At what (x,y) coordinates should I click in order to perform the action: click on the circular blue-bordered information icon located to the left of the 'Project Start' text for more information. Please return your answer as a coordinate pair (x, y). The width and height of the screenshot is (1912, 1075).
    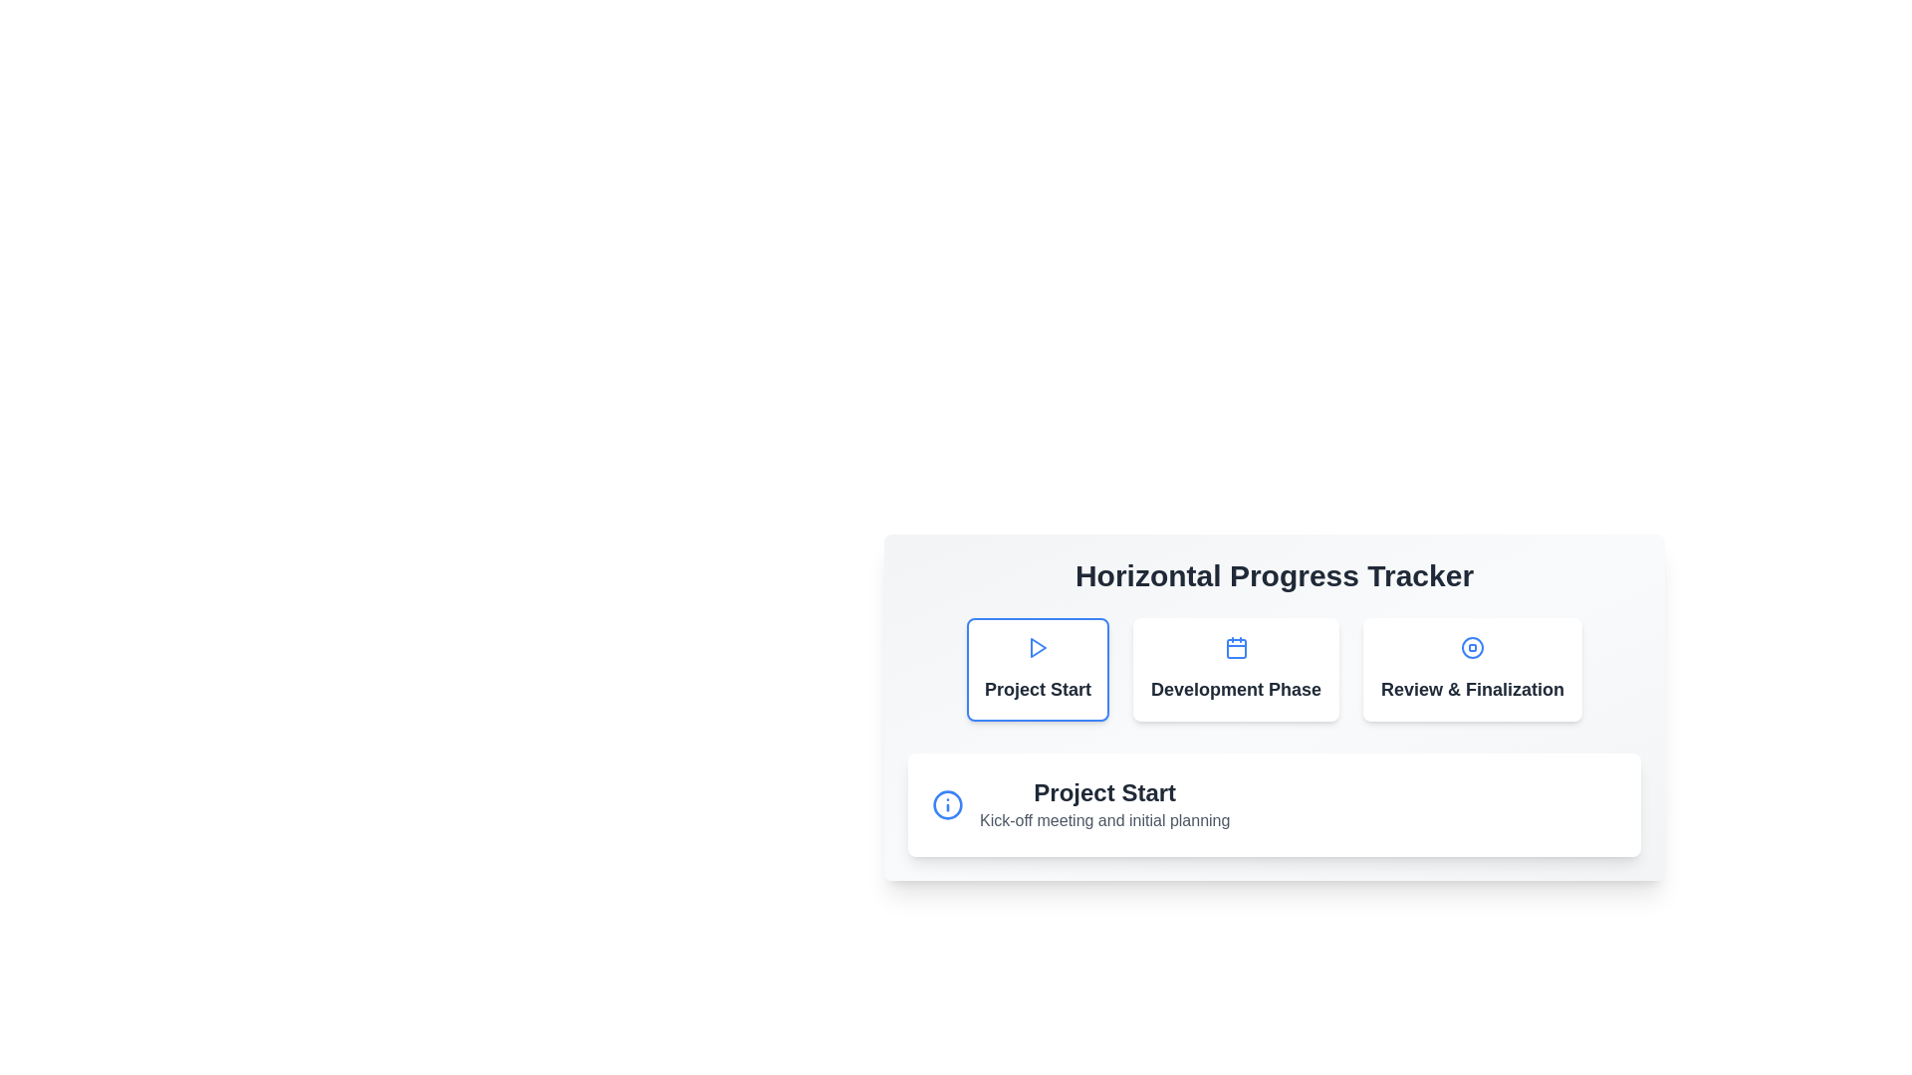
    Looking at the image, I should click on (946, 804).